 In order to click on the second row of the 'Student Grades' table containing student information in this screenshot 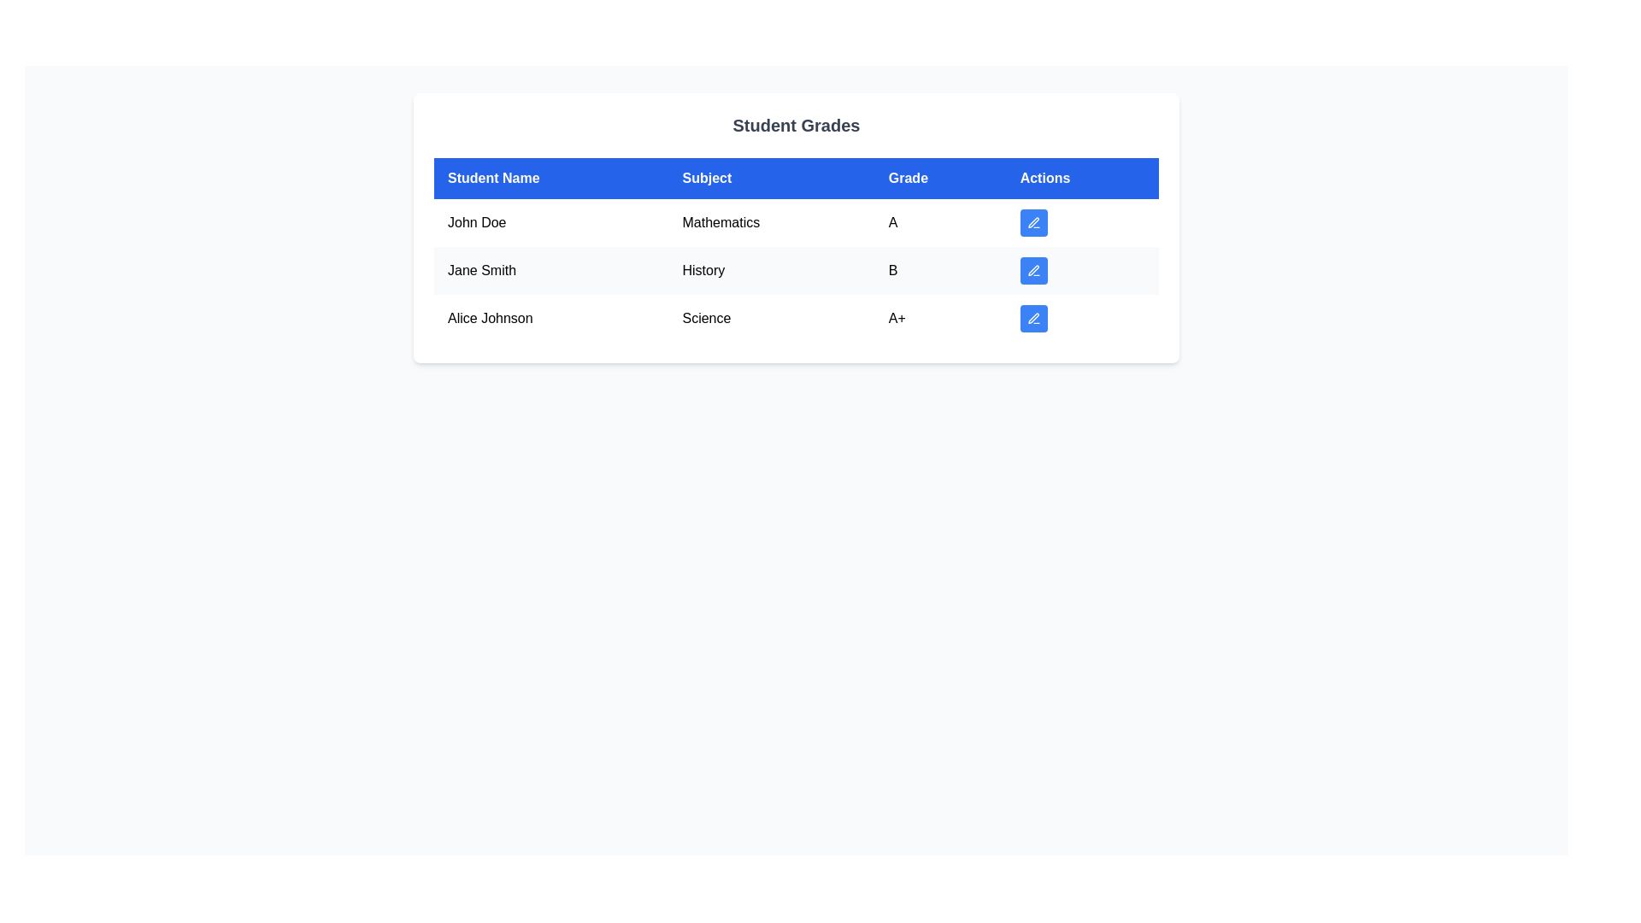, I will do `click(795, 269)`.